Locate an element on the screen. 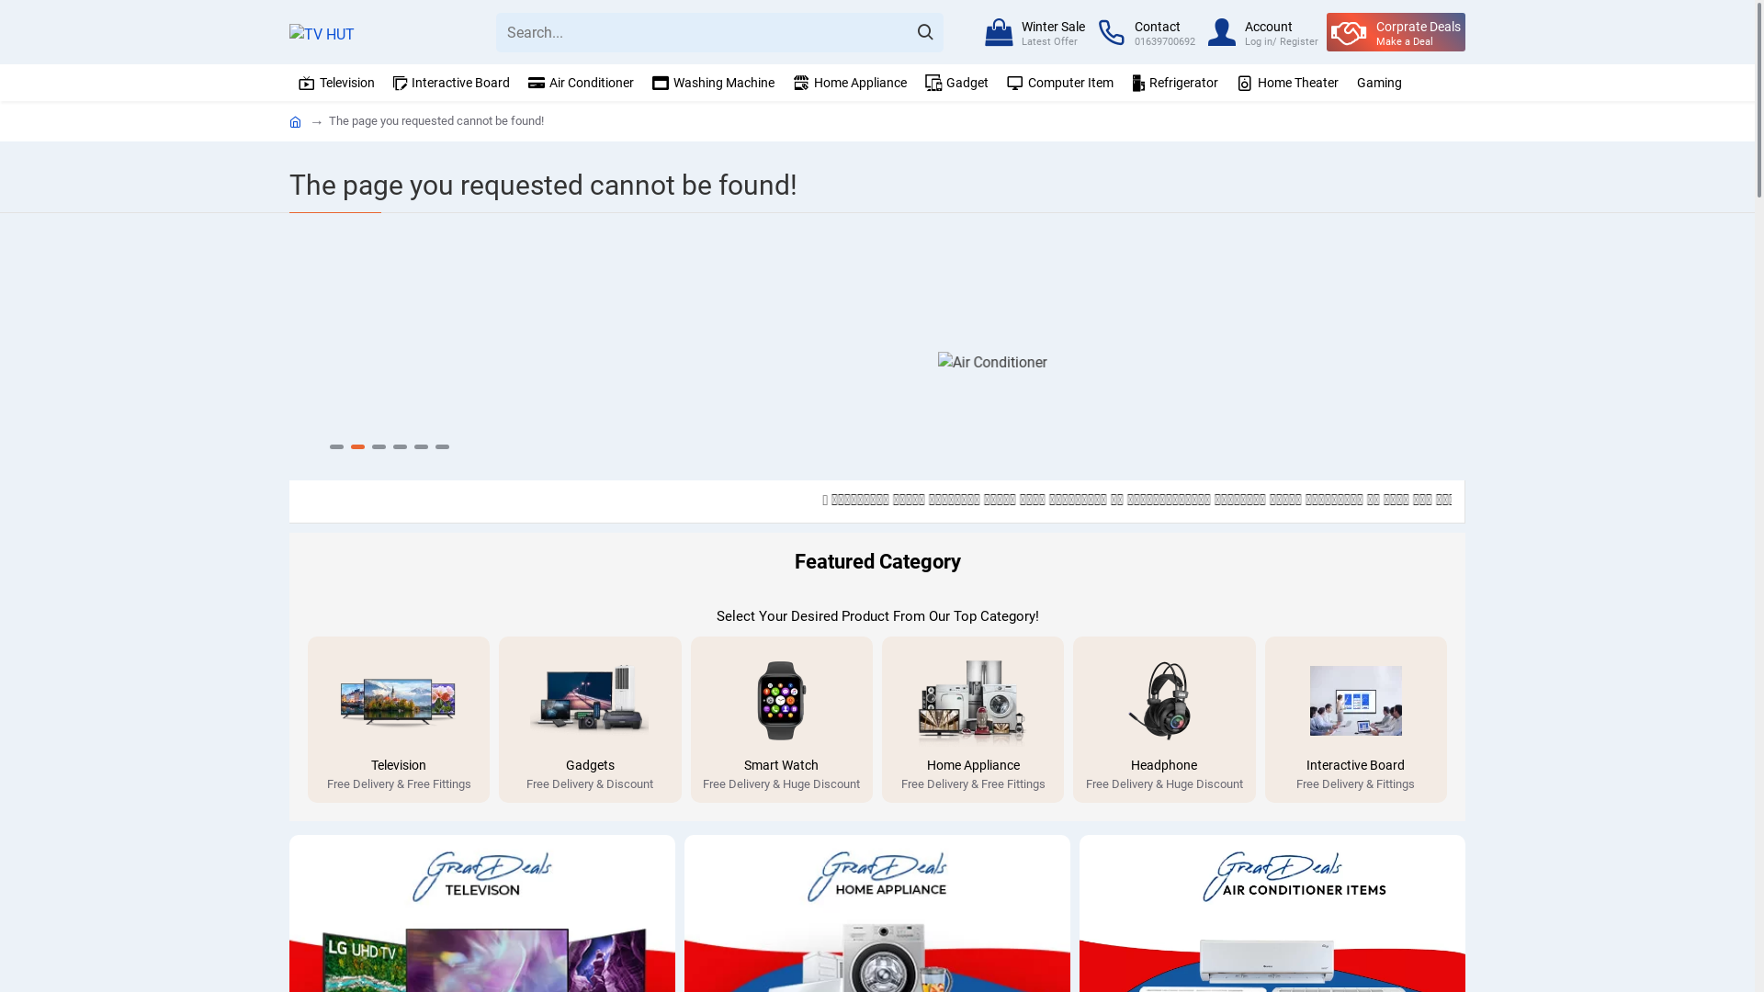 The image size is (1764, 992). 'The page you requested cannot be found!' is located at coordinates (435, 120).